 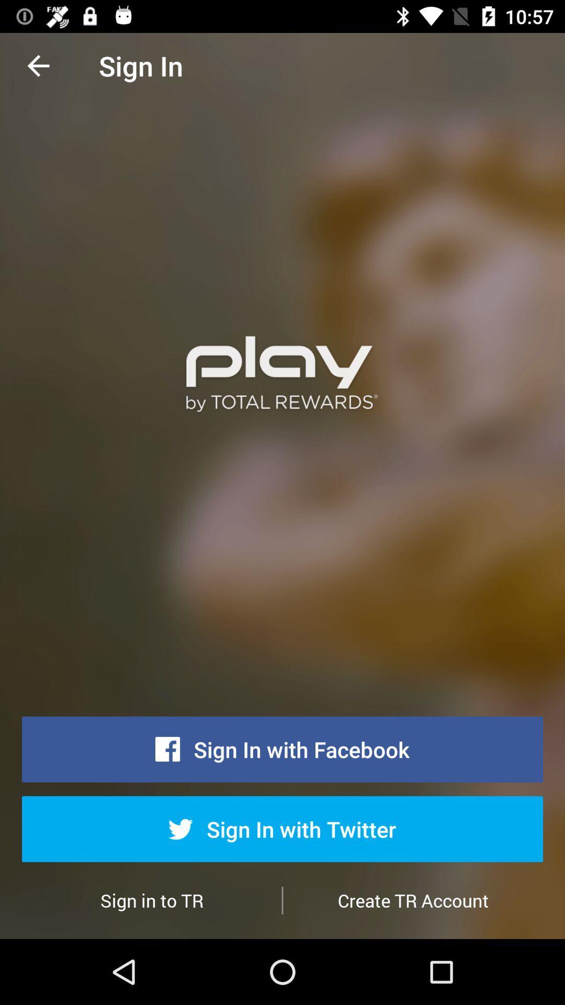 I want to click on item below sign in with item, so click(x=412, y=900).